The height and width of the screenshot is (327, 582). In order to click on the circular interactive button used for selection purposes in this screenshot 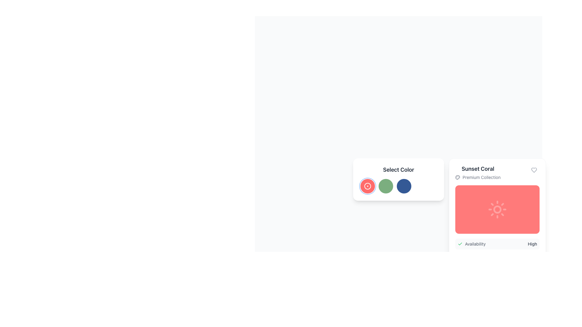, I will do `click(404, 186)`.